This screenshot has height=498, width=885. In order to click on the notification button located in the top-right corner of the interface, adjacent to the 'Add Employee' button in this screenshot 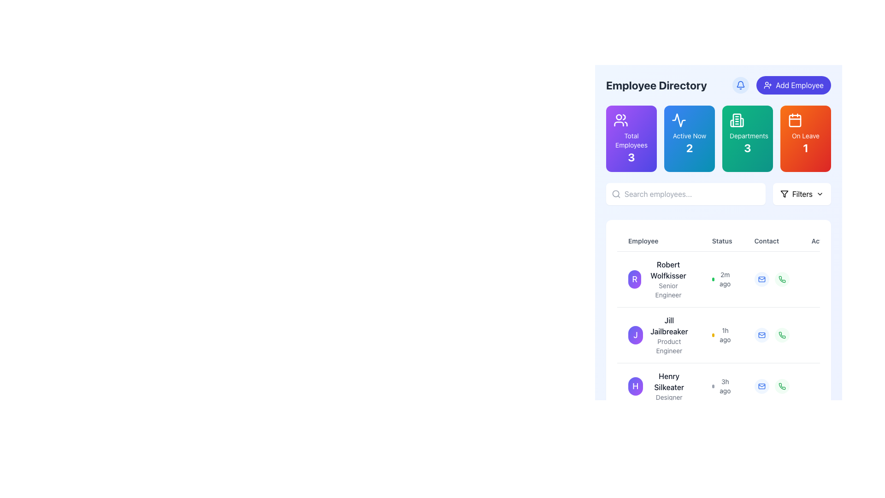, I will do `click(741, 85)`.